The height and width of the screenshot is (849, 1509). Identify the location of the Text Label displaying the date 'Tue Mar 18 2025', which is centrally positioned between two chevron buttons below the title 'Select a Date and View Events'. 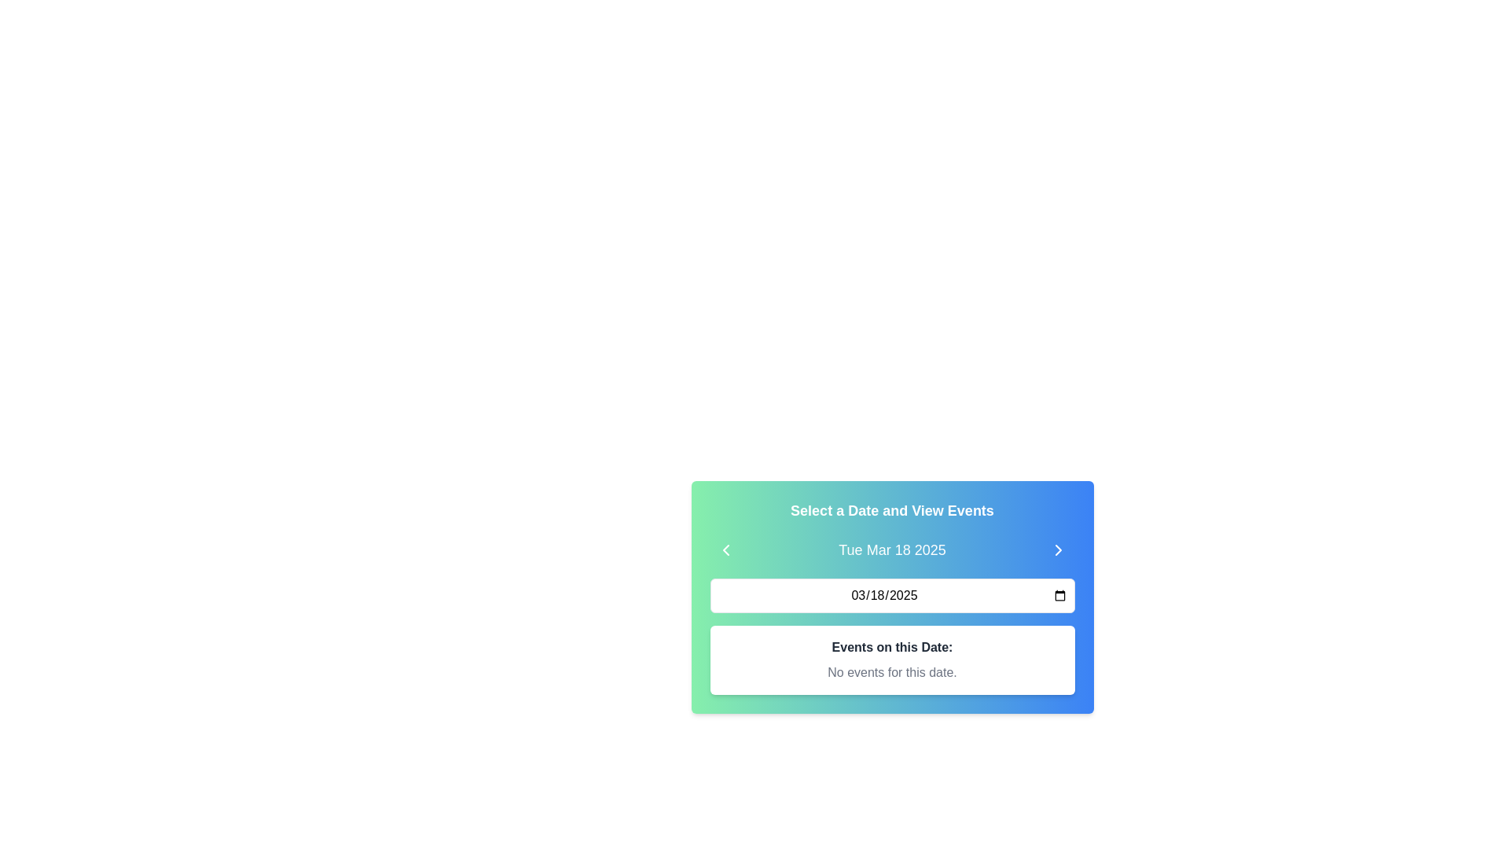
(892, 549).